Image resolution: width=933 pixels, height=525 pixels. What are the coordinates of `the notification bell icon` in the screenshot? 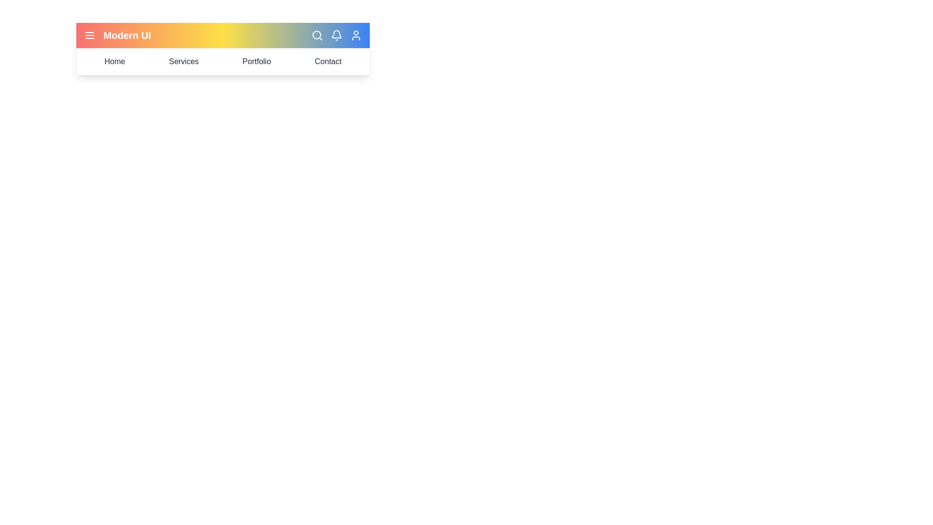 It's located at (336, 35).